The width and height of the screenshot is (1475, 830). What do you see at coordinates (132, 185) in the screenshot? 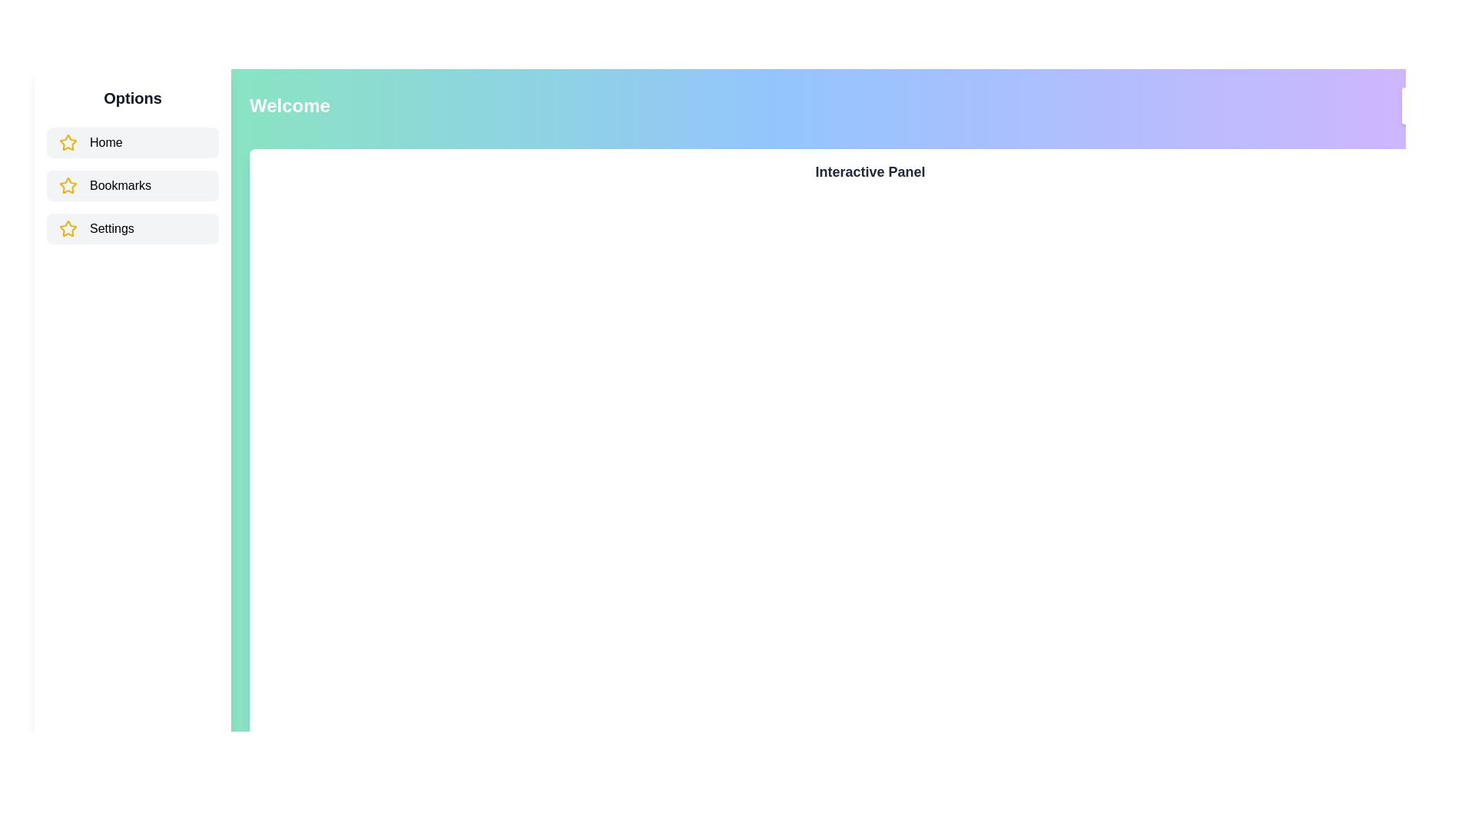
I see `the 'Bookmarks' button, which is a white rectangular button with a yellow star icon and bold text` at bounding box center [132, 185].